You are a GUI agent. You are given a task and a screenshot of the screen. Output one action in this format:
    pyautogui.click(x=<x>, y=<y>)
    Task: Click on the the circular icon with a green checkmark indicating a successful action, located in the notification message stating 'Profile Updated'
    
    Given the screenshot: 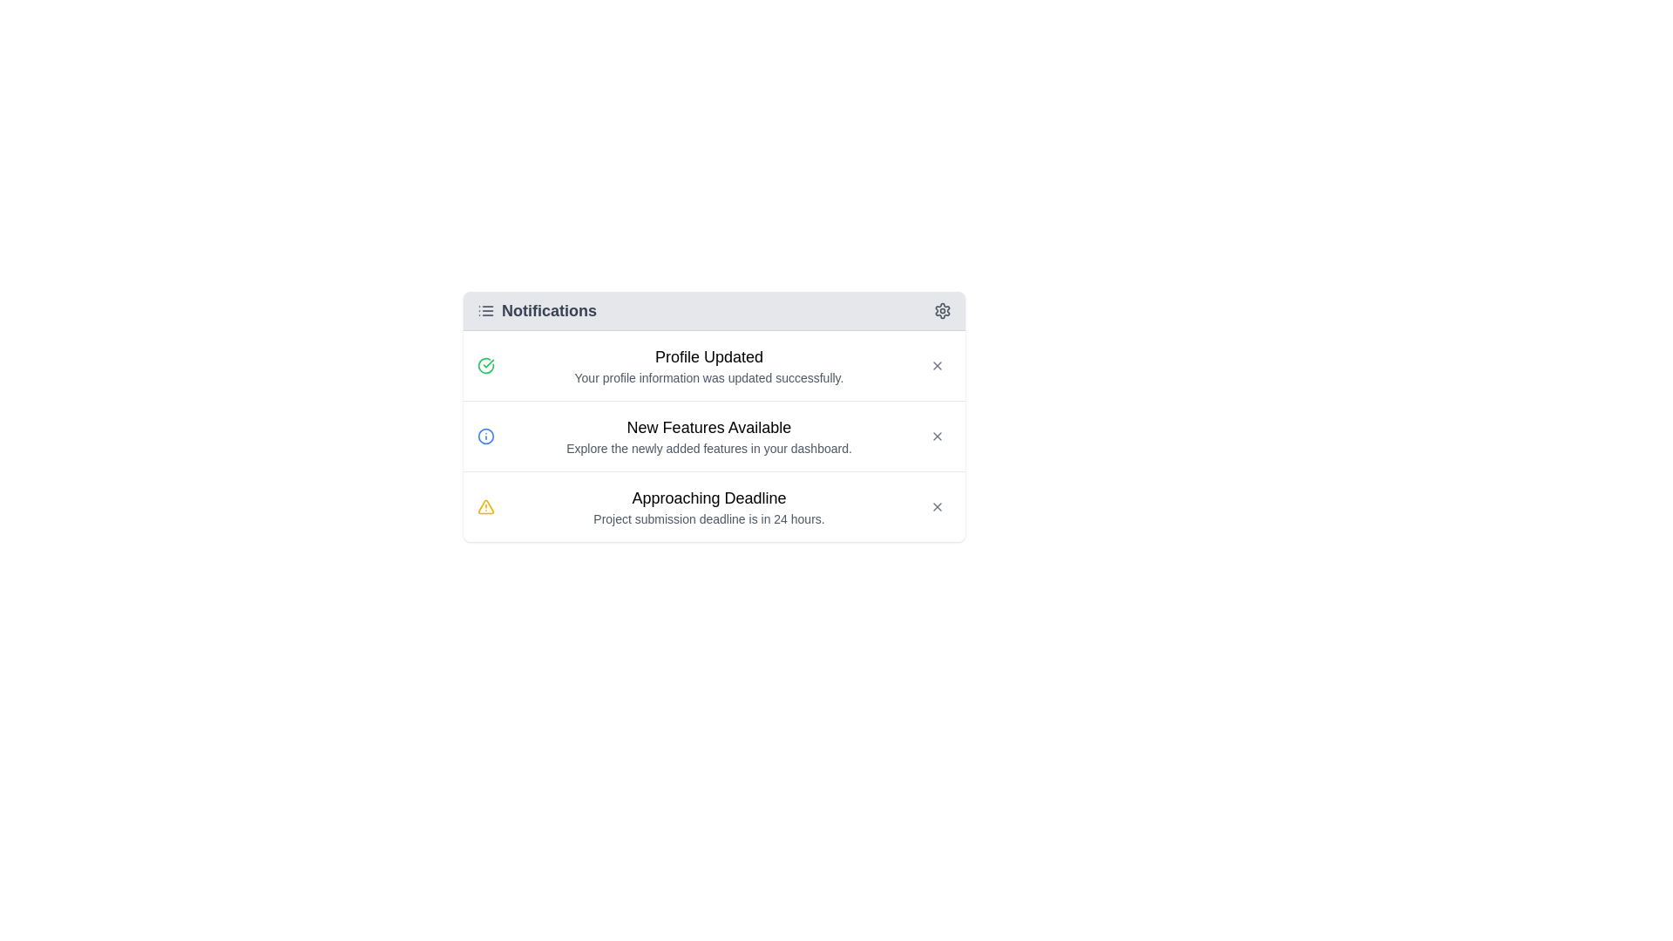 What is the action you would take?
    pyautogui.click(x=485, y=365)
    